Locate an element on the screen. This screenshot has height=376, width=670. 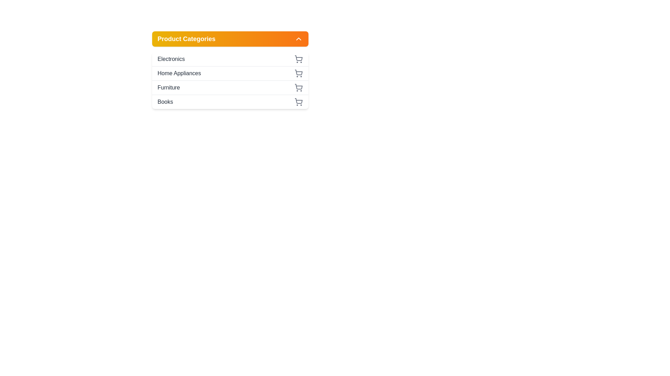
the third shopping cart icon from the top, located to the far right of the 'Furniture' label within the 'Product Categories' dropdown is located at coordinates (298, 87).